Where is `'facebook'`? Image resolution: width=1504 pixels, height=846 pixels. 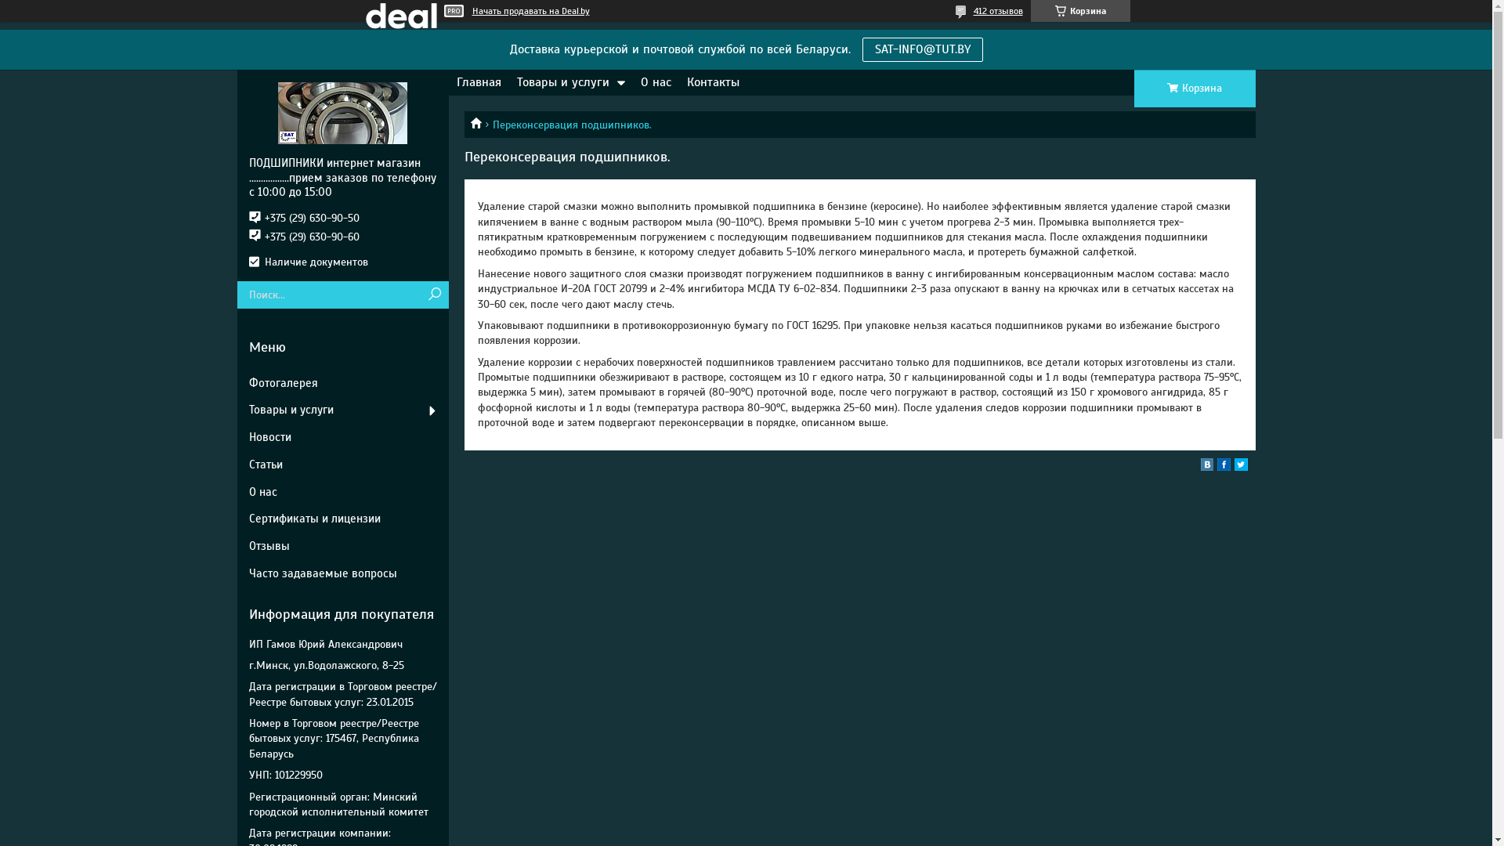 'facebook' is located at coordinates (1217, 466).